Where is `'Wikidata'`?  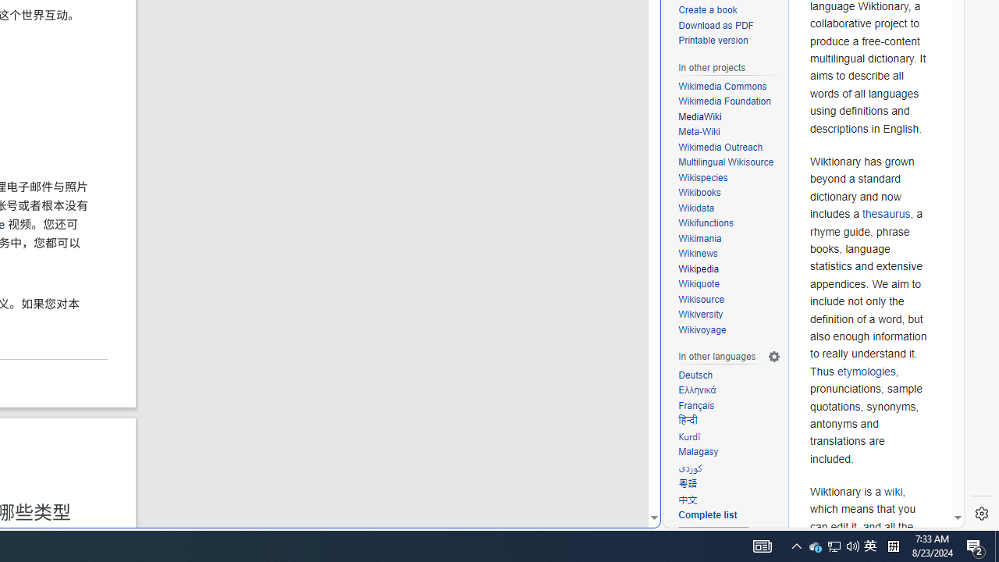 'Wikidata' is located at coordinates (695, 207).